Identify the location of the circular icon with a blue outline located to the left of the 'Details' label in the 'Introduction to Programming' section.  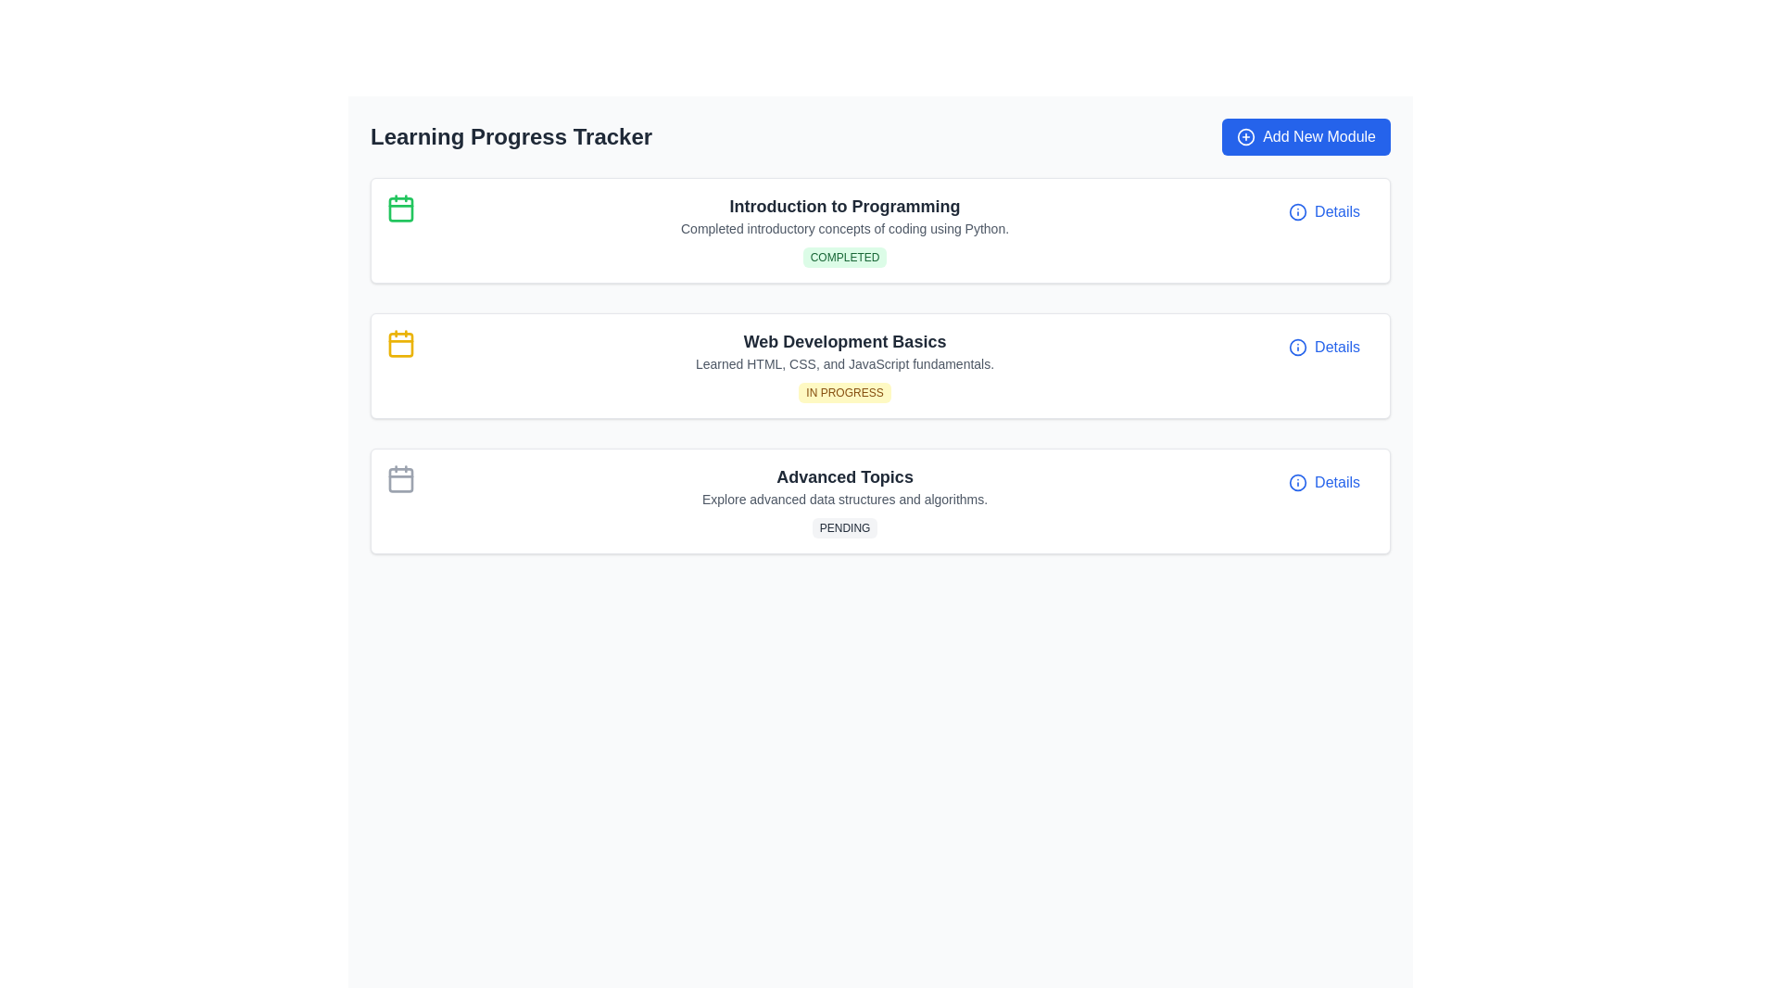
(1297, 210).